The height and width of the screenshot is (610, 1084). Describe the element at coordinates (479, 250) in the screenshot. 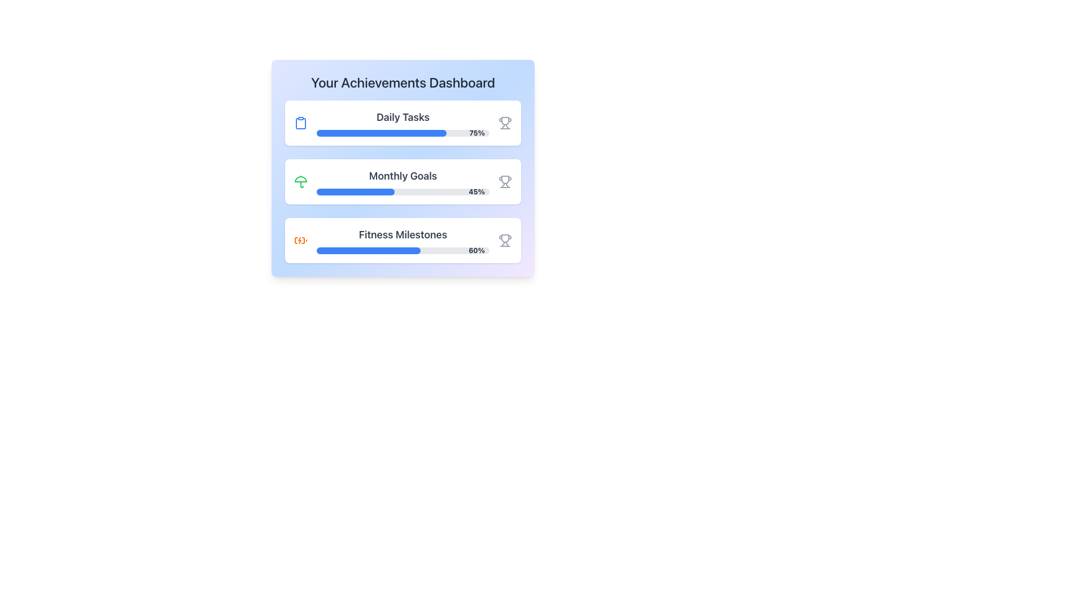

I see `the text label that displays the progress percentage for the 'Fitness Milestones' section, located at the far-right end of the progress bar` at that location.